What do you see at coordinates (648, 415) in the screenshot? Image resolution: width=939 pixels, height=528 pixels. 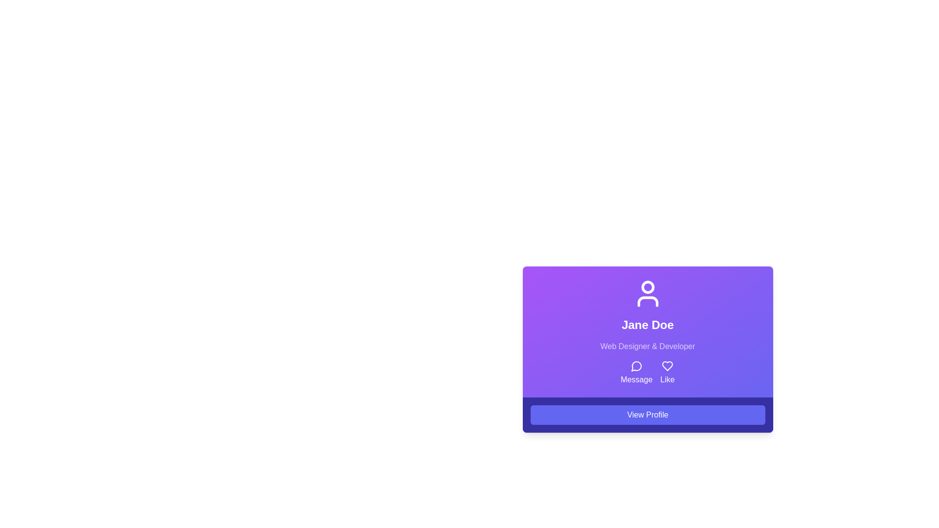 I see `the 'View Profile' button located at the middle bottom of the profile card, which has a purple background and white text` at bounding box center [648, 415].